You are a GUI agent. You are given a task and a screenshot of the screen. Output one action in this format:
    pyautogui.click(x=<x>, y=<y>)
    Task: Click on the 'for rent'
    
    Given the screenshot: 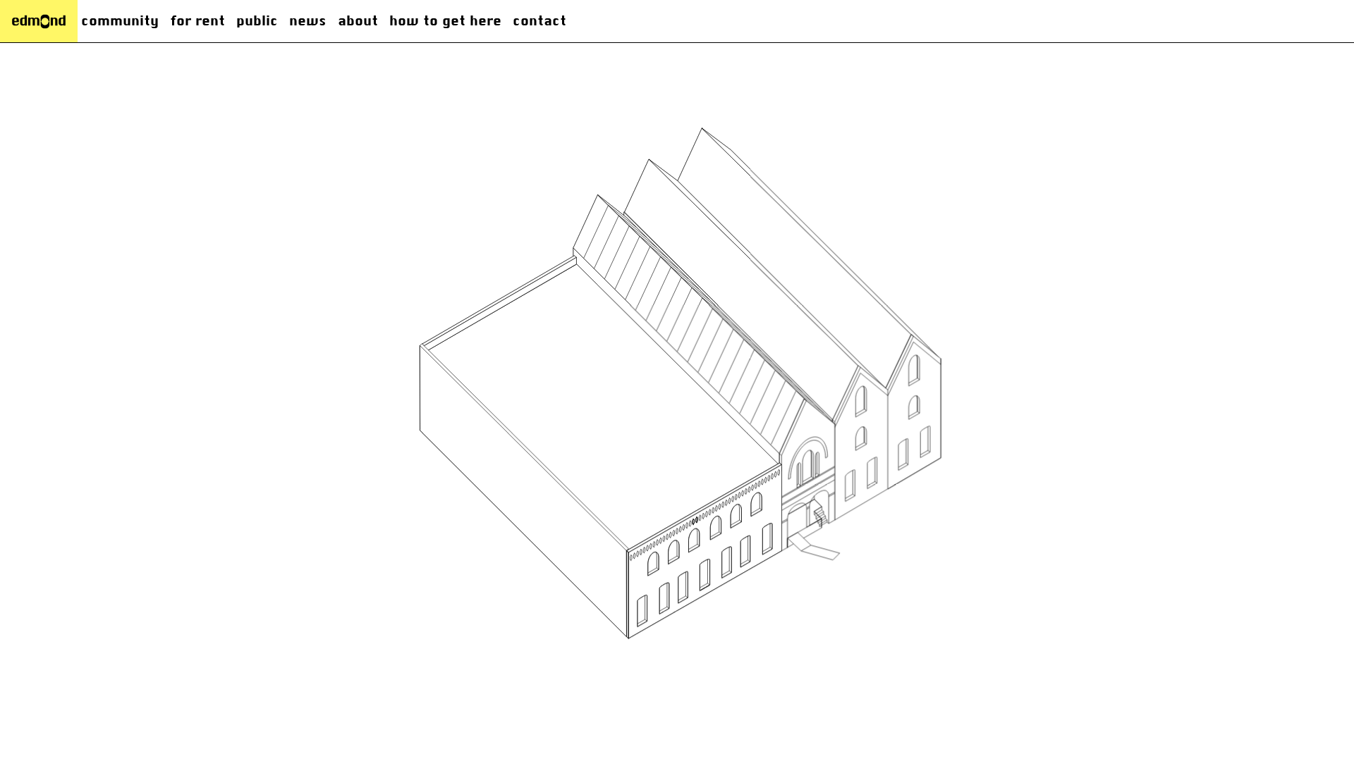 What is the action you would take?
    pyautogui.click(x=196, y=21)
    